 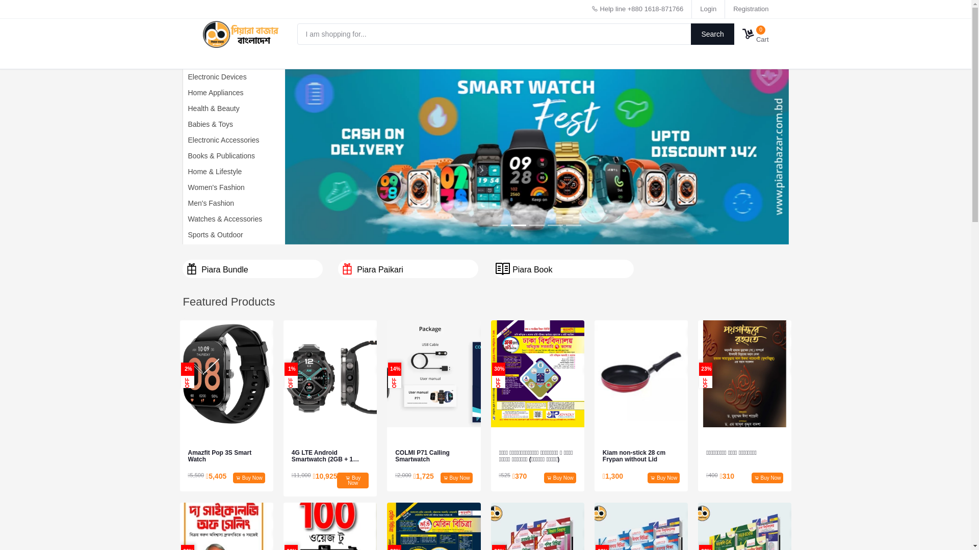 What do you see at coordinates (707, 9) in the screenshot?
I see `'Login'` at bounding box center [707, 9].